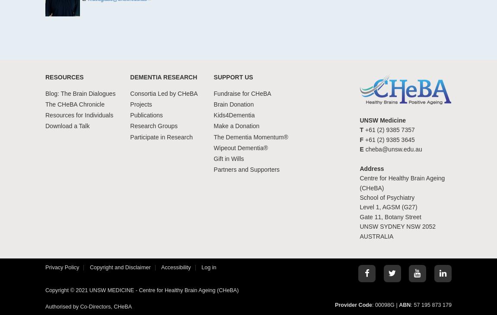  Describe the element at coordinates (353, 304) in the screenshot. I see `'Provider Code'` at that location.